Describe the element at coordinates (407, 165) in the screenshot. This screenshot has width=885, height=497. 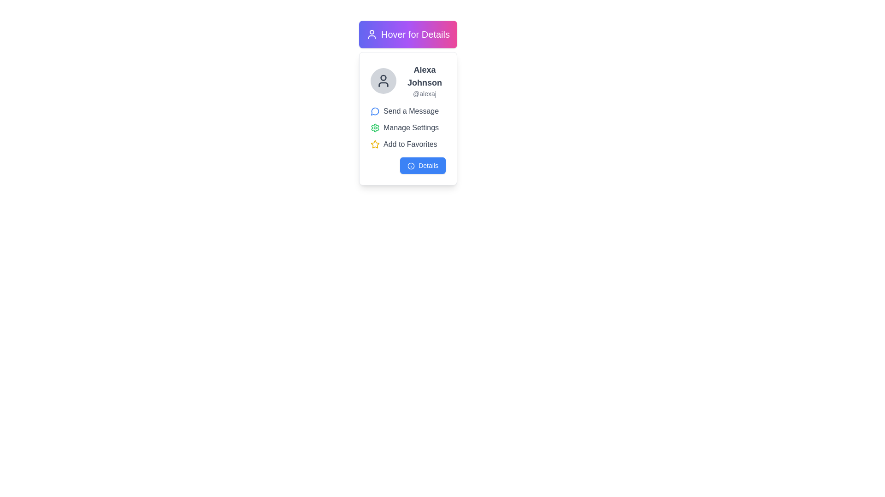
I see `the button located at the bottom of the information card` at that location.